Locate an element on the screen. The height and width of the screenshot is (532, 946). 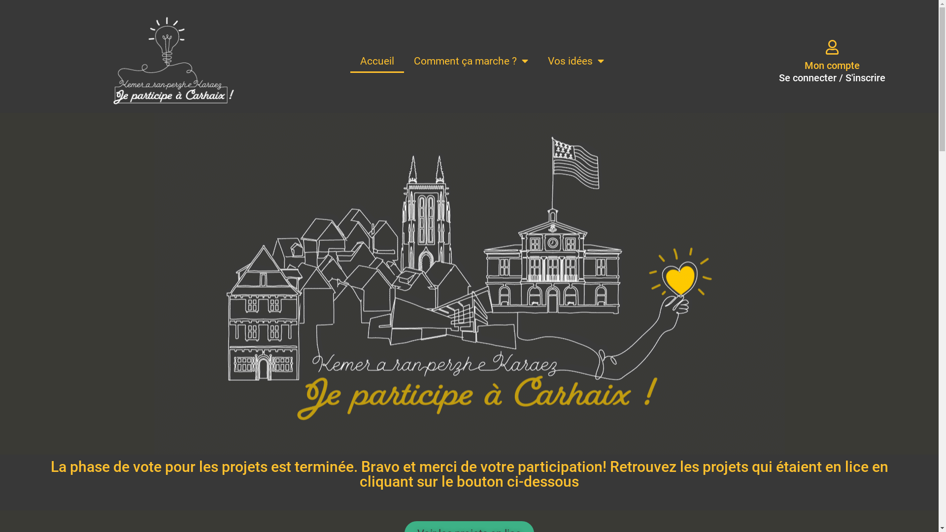
'Mon compte' is located at coordinates (804, 65).